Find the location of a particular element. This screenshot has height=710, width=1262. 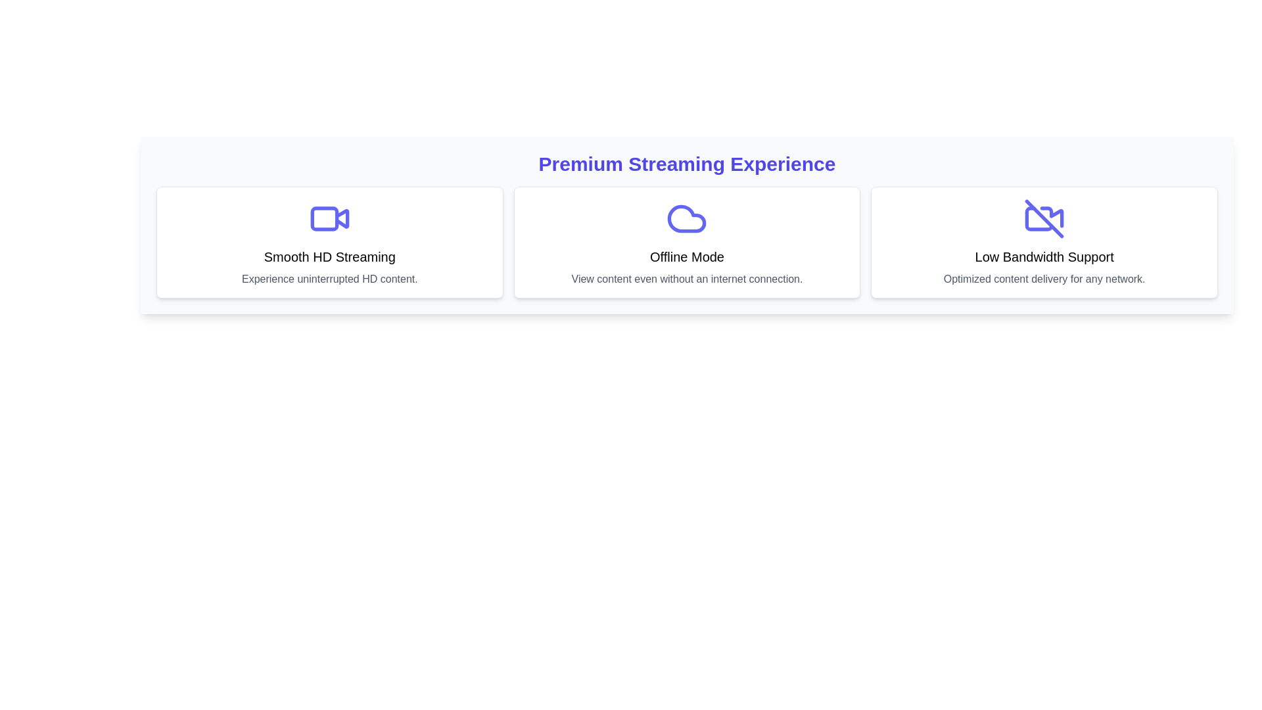

the informational card that provides details about HD streaming, which is the first card in a three-column grid layout located on the leftmost side is located at coordinates (329, 243).